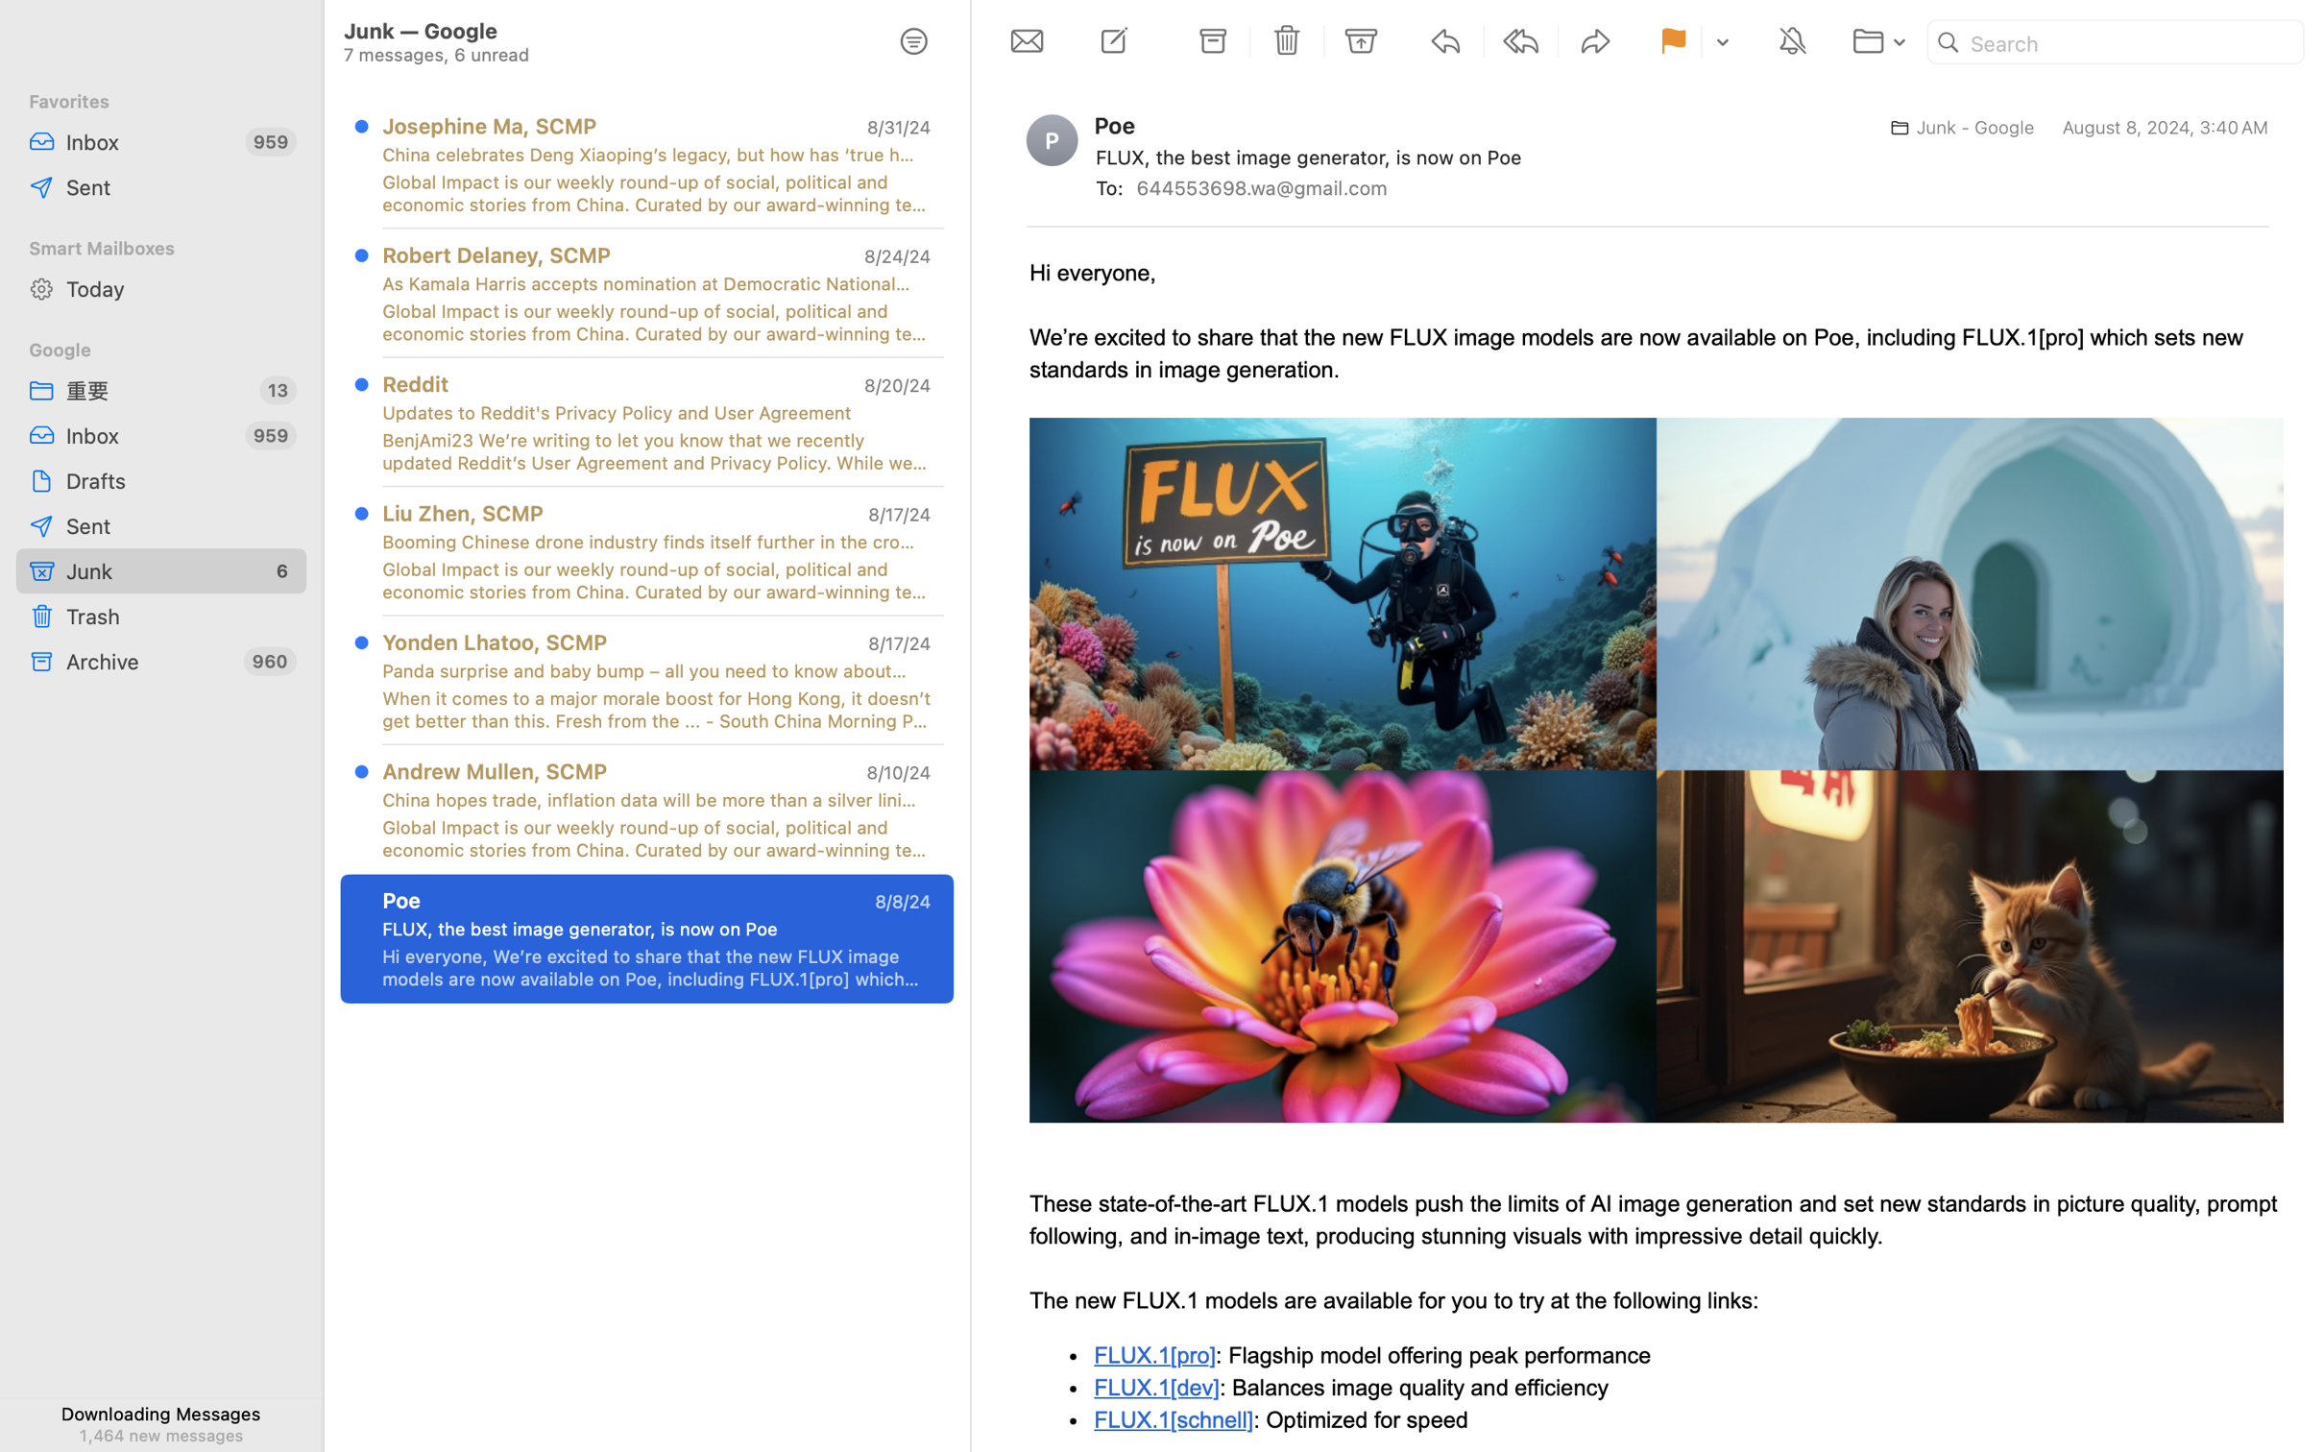  I want to click on 'FLUX.1[dev]', so click(1155, 1386).